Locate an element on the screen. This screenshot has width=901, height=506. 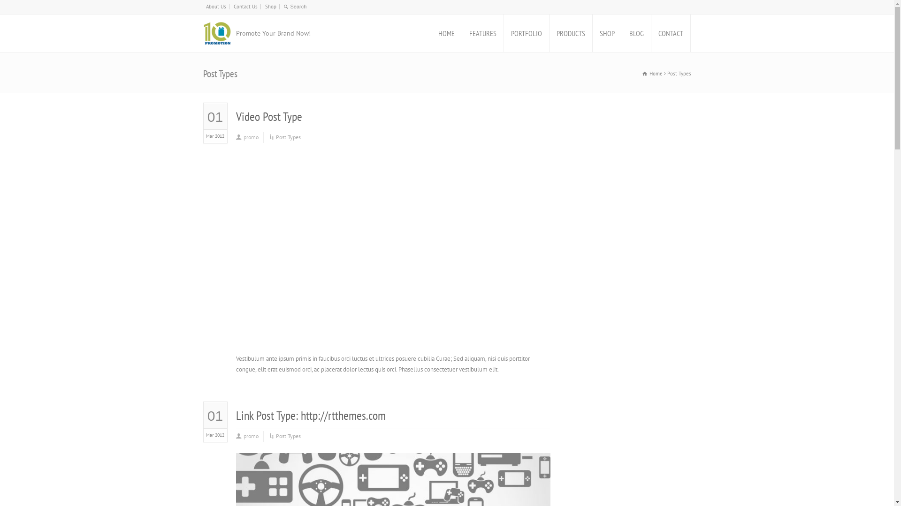
'promo' is located at coordinates (250, 436).